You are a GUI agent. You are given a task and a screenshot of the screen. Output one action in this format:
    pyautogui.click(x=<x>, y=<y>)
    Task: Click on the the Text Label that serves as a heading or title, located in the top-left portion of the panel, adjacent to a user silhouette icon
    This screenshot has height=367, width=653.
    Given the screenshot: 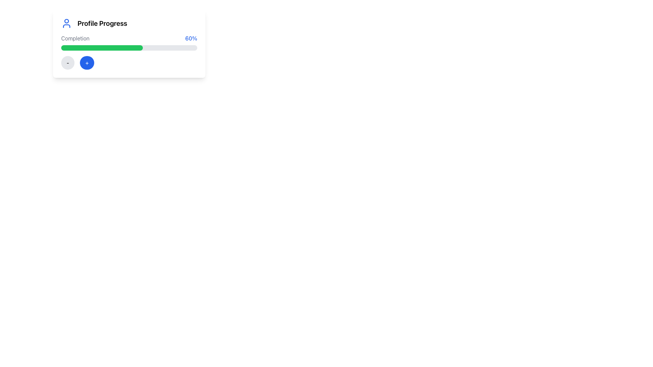 What is the action you would take?
    pyautogui.click(x=102, y=23)
    